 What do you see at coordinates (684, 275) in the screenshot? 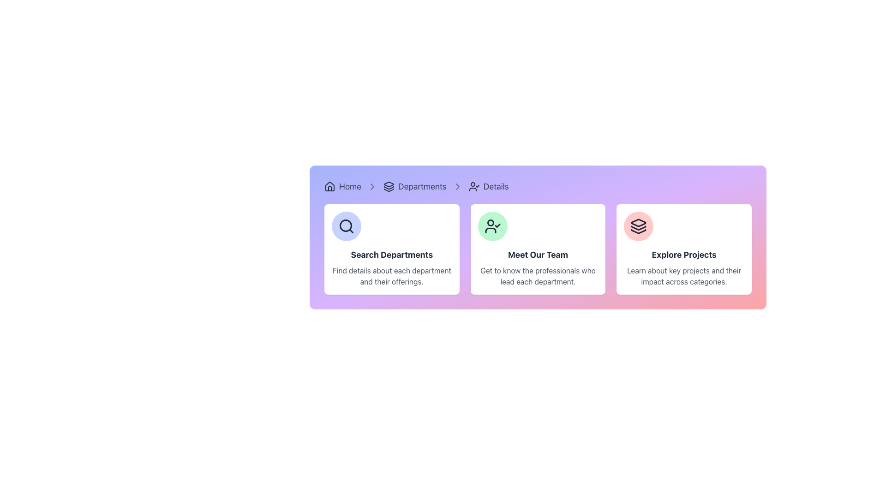
I see `the Text Label displaying 'Learn about key projects and their impact across categories.' located at the bottom of the 'Explore Projects' card` at bounding box center [684, 275].